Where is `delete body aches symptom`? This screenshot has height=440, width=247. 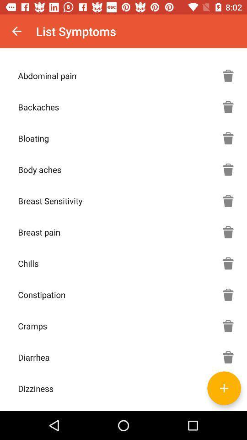 delete body aches symptom is located at coordinates (228, 169).